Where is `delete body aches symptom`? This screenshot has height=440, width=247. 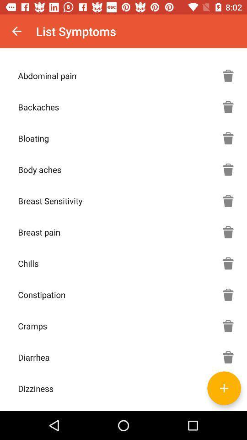 delete body aches symptom is located at coordinates (228, 169).